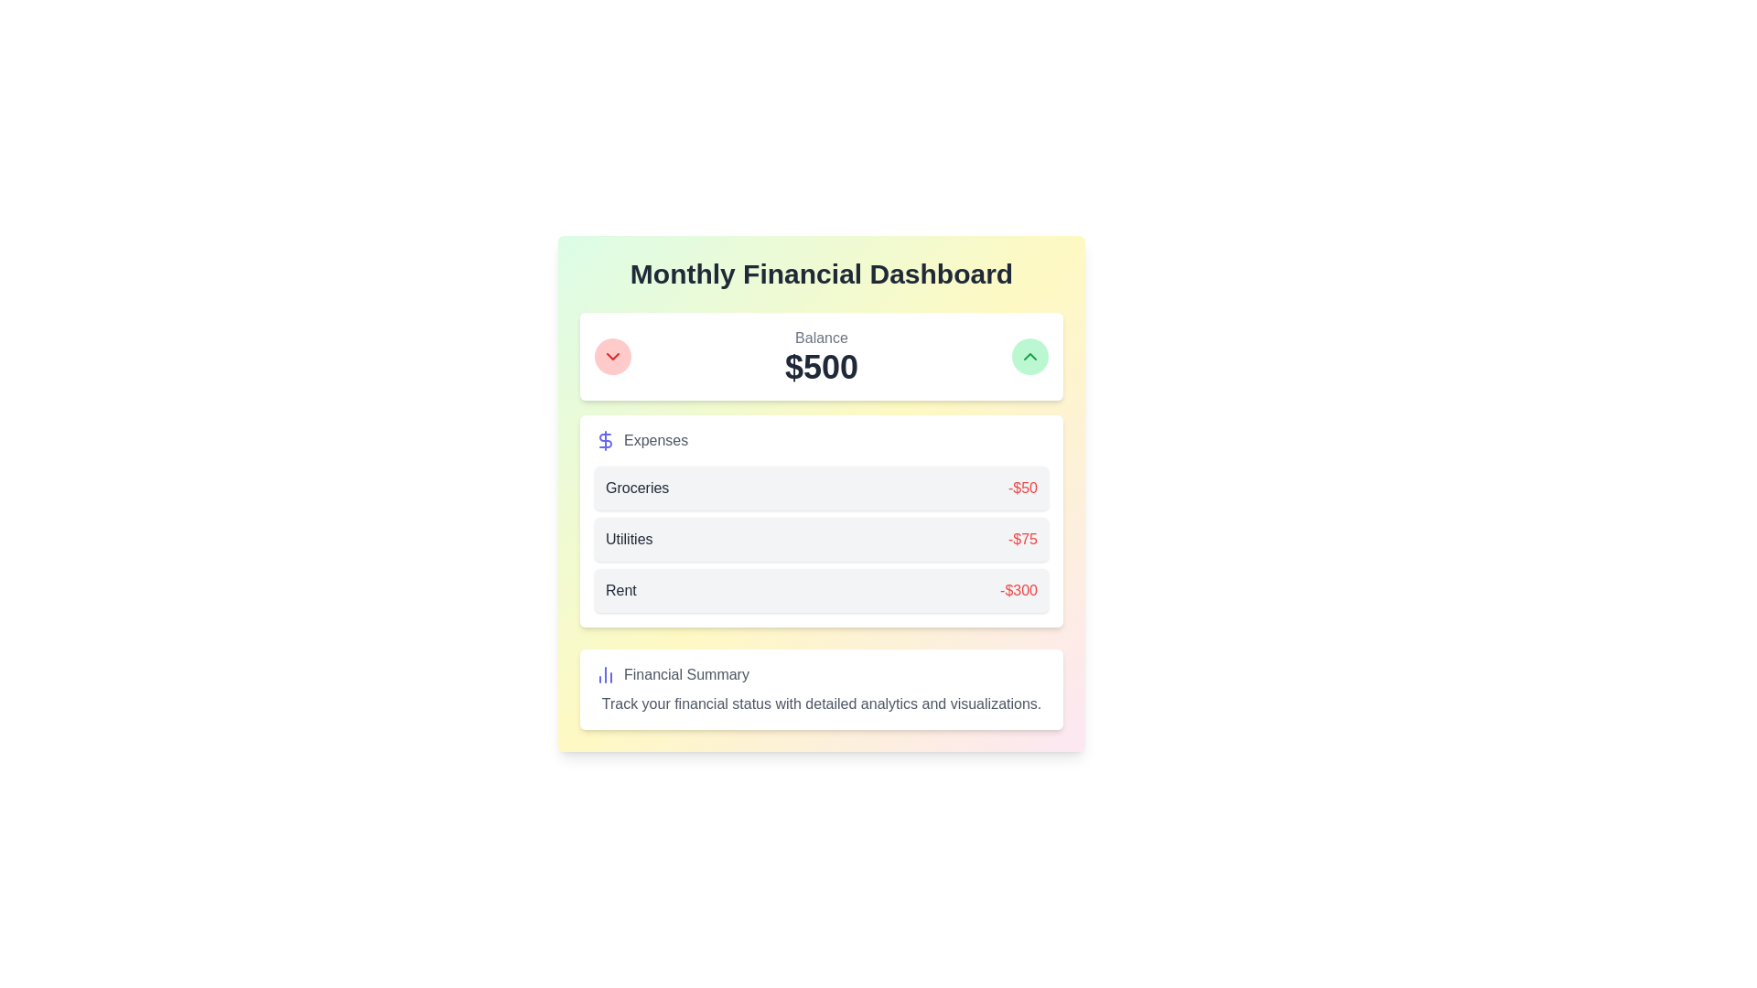  What do you see at coordinates (637, 487) in the screenshot?
I see `the 'Groceries' label, which is styled with a medium-weight font in dark gray color, positioned within a light gray background, and part of the list item labeled 'Groceries-$50'` at bounding box center [637, 487].